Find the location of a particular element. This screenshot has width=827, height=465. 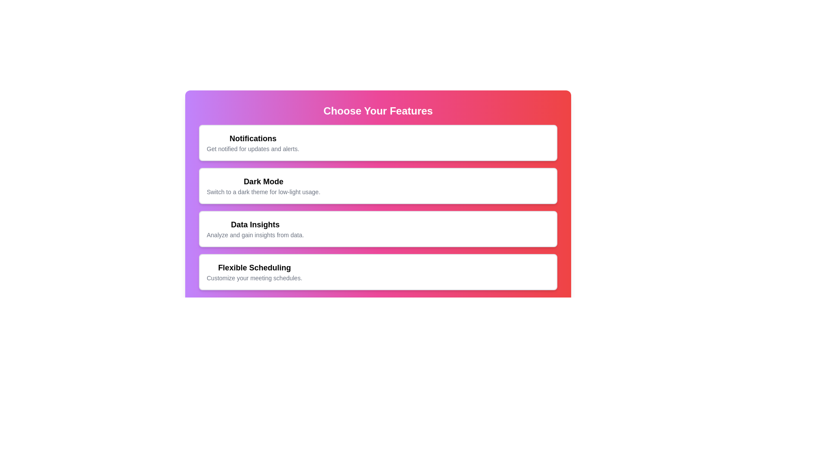

the title and description of the 'Dark Mode' feature, which is the second item in a vertical list between 'Notifications' and 'Data Insights' is located at coordinates (263, 186).